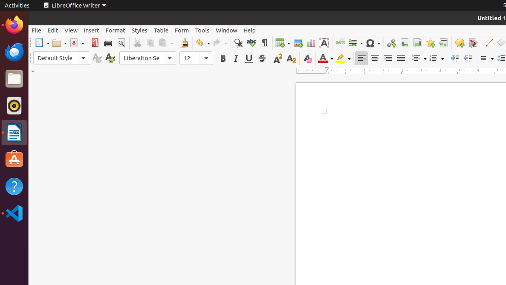  I want to click on 'Print', so click(108, 43).